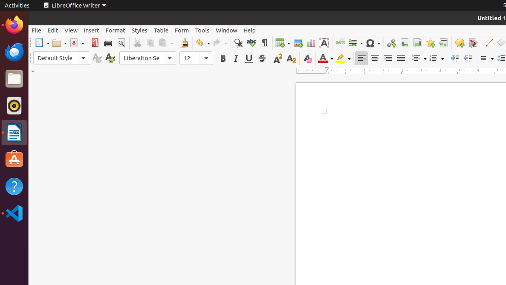  I want to click on 'Print', so click(108, 43).